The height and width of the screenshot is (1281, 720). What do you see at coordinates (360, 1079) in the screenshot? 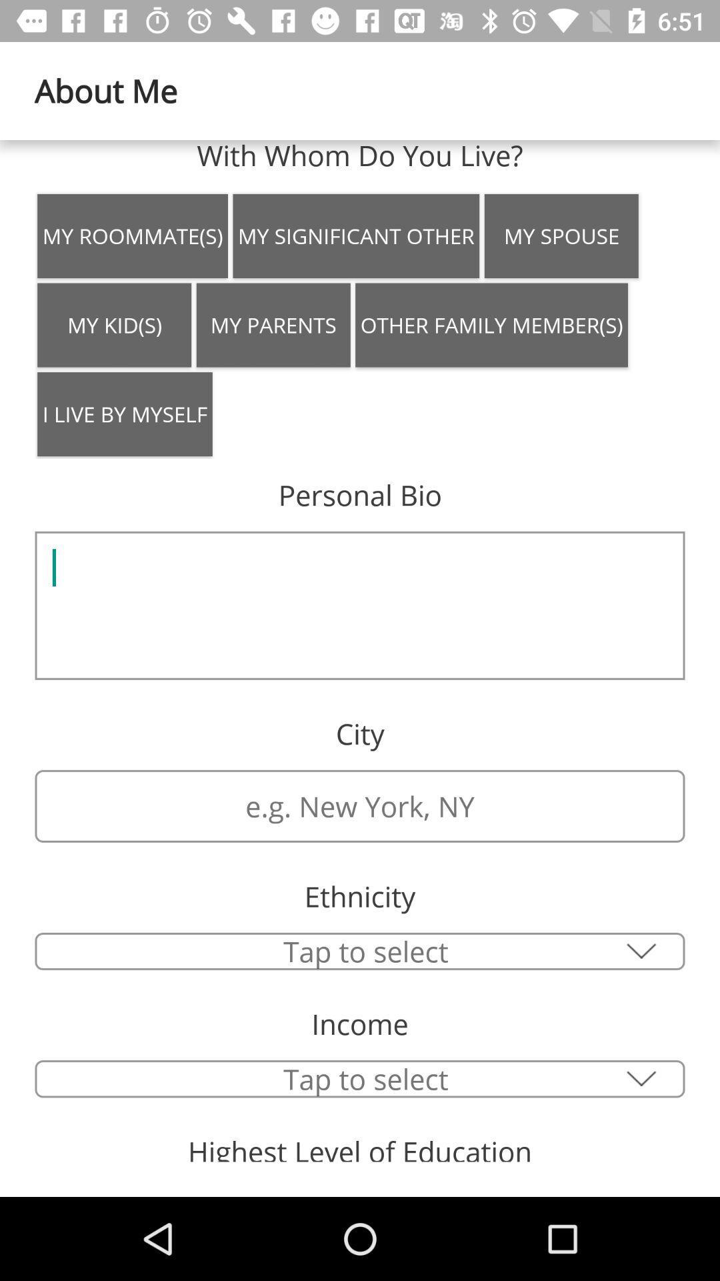
I see `type your income` at bounding box center [360, 1079].